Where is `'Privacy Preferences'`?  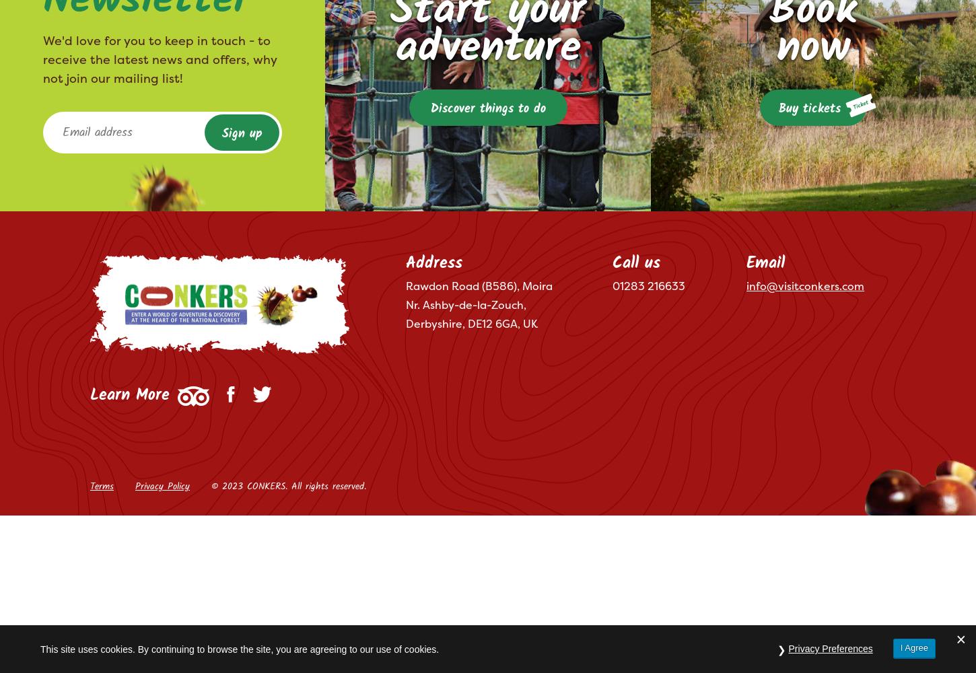 'Privacy Preferences' is located at coordinates (788, 648).